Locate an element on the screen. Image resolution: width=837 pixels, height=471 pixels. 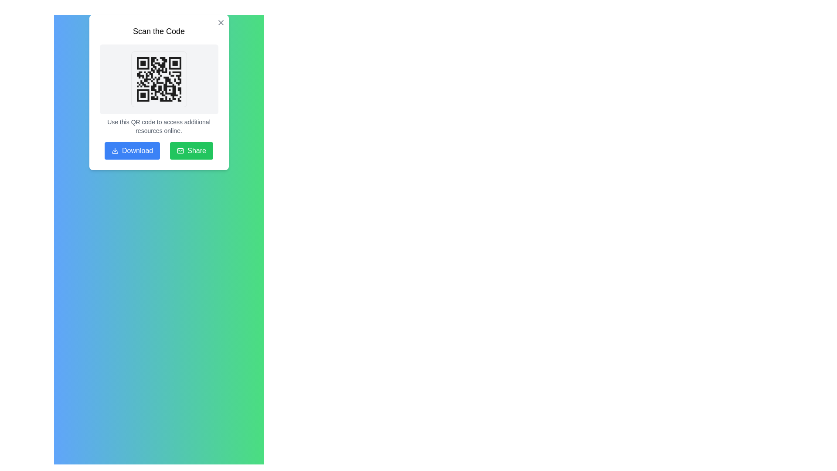
the 'Download' button located in the bottom-left part of the modal window, which features a blue background and a downward arrow icon is located at coordinates (115, 150).